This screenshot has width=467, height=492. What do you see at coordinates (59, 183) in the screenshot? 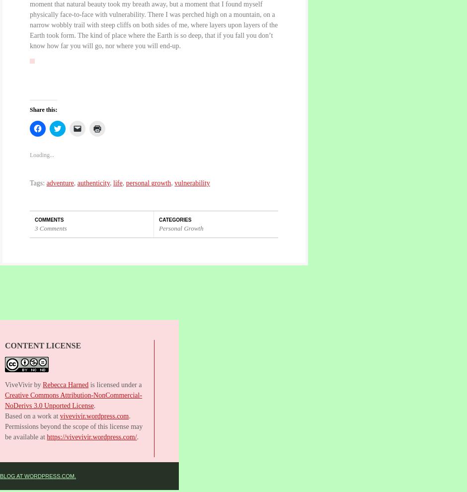
I see `'adventure'` at bounding box center [59, 183].